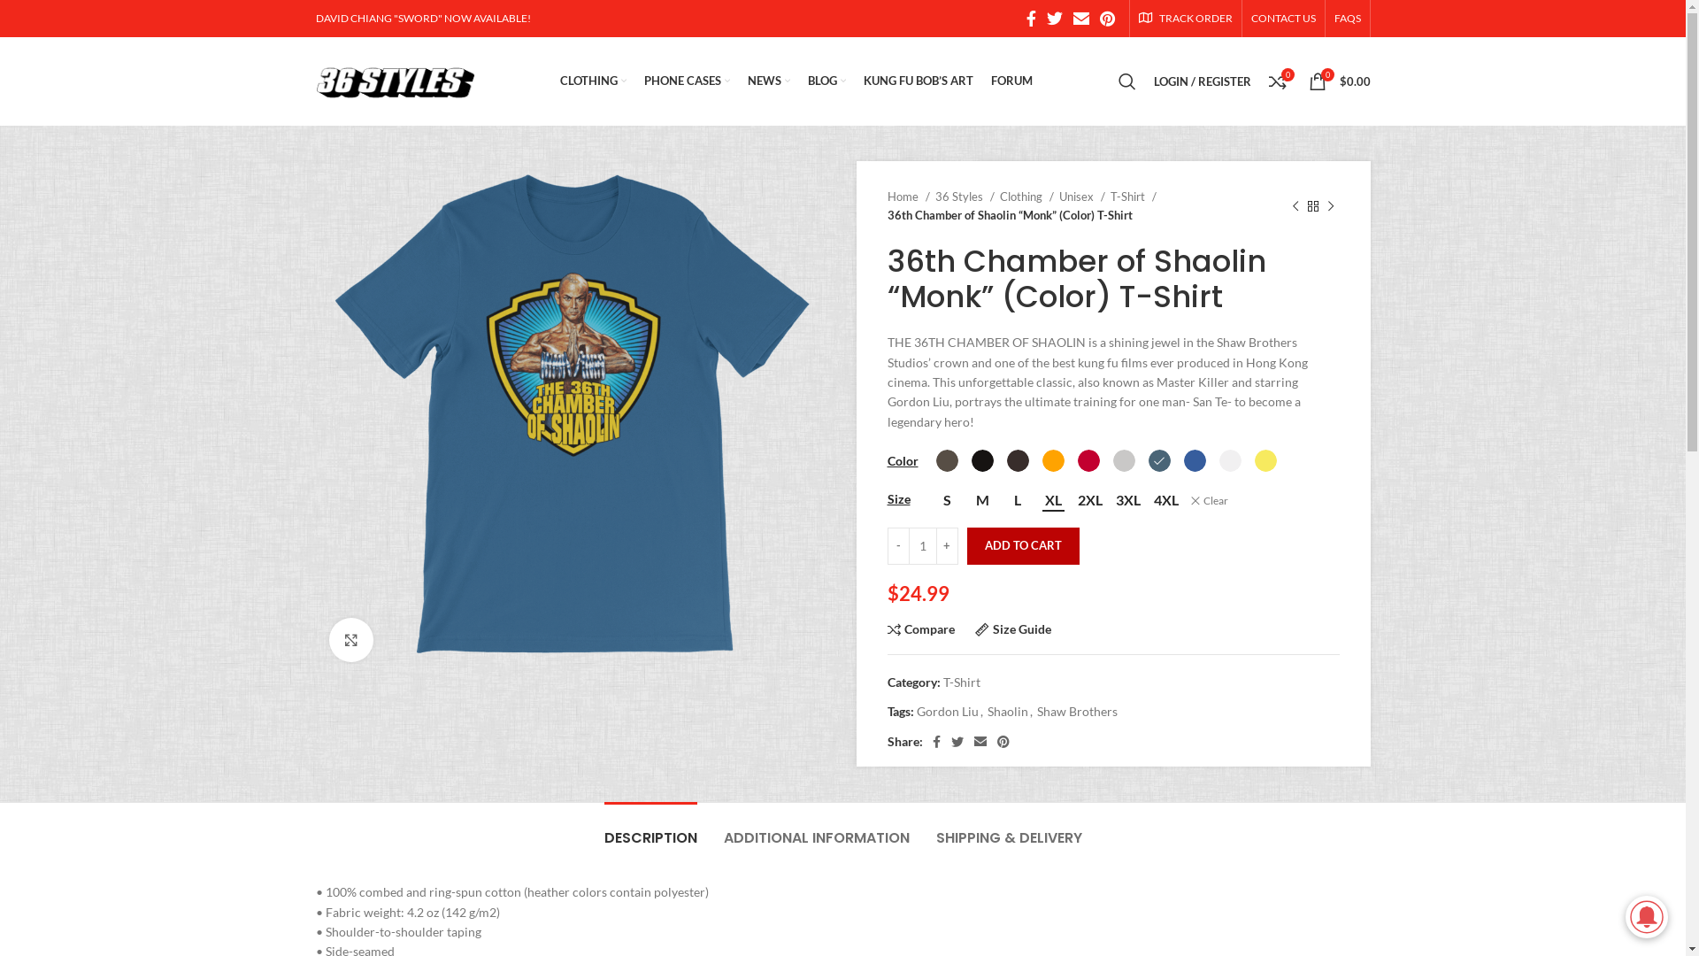  What do you see at coordinates (1133, 197) in the screenshot?
I see `'T-Shirt'` at bounding box center [1133, 197].